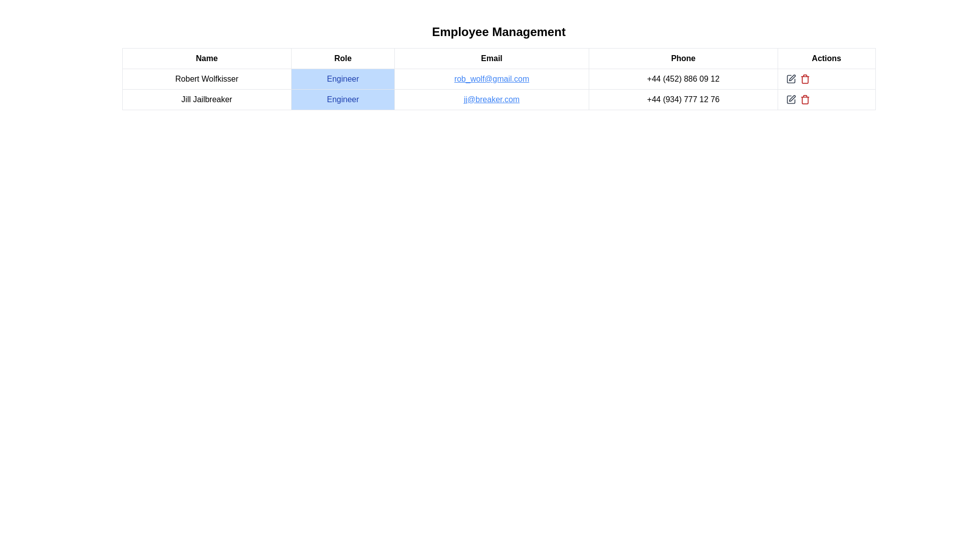  I want to click on the edit icon button in the 'Actions' column of the second row for the entry 'Jill Jailbreaker', so click(792, 98).